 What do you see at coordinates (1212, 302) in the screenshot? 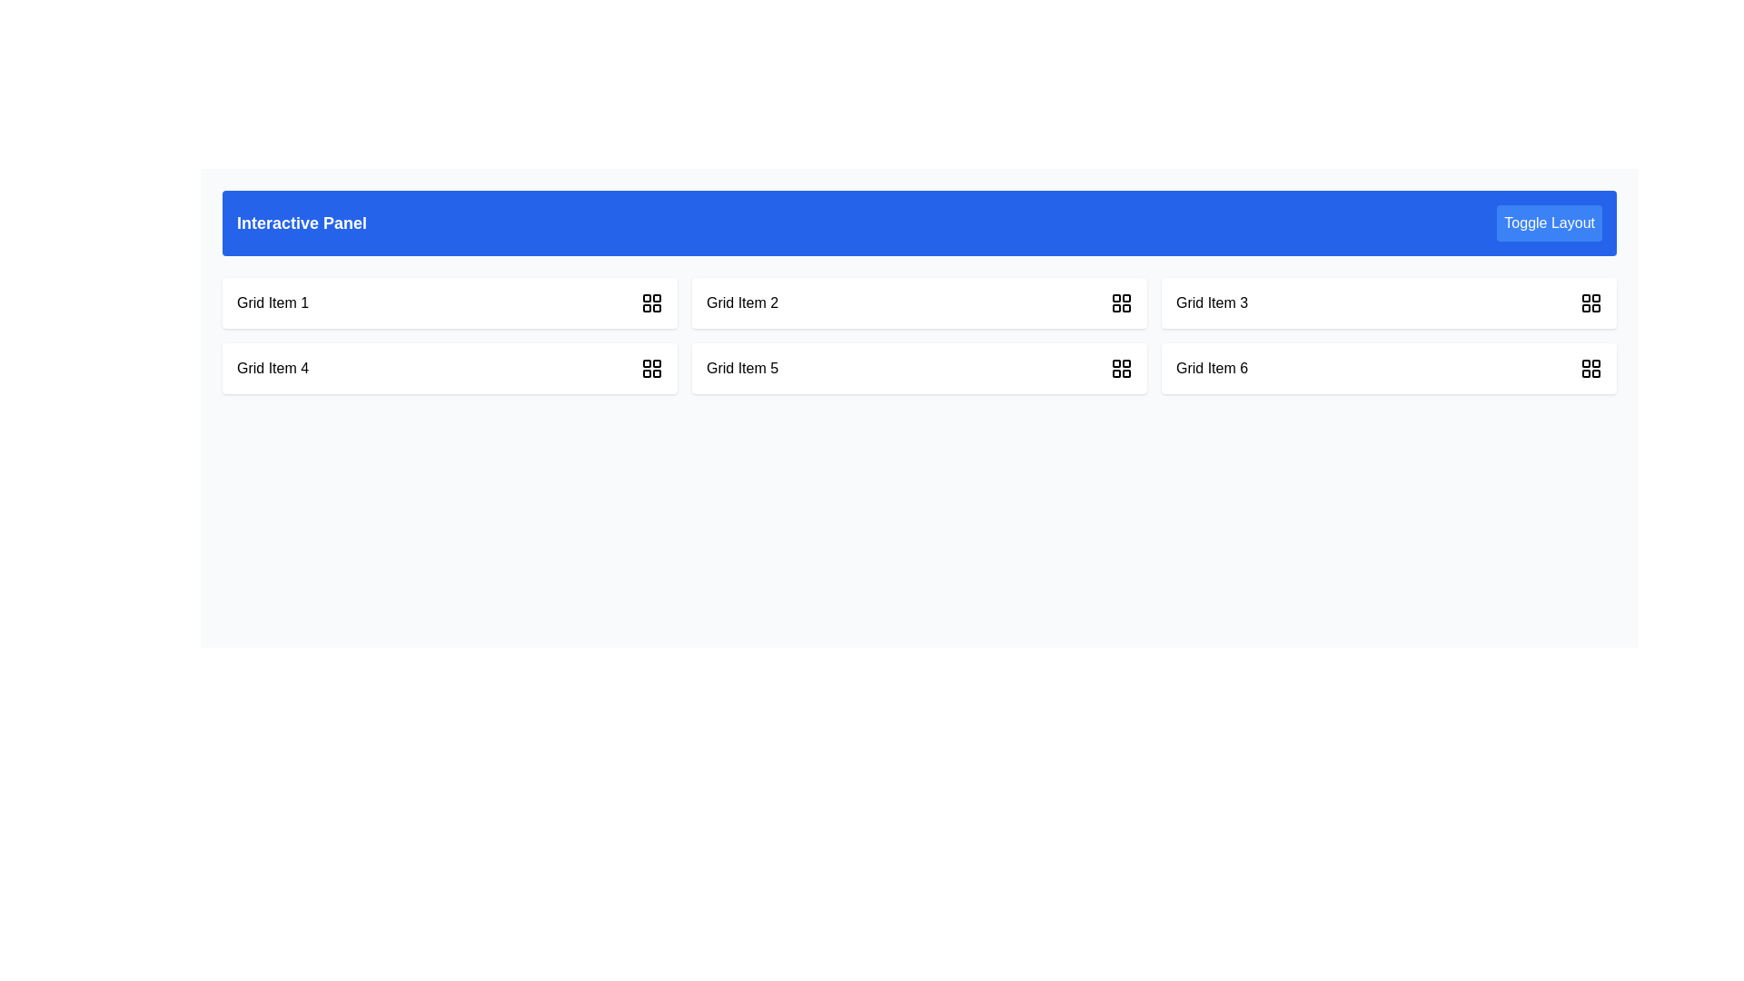
I see `the text label displaying 'Grid Item 3', which is located in the upper row of the grid layout, specifically as the third item from the left` at bounding box center [1212, 302].